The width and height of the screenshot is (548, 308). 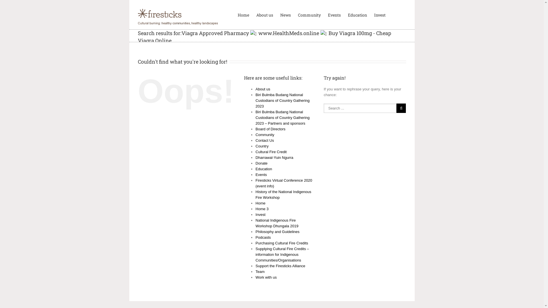 What do you see at coordinates (379, 14) in the screenshot?
I see `'Invest'` at bounding box center [379, 14].